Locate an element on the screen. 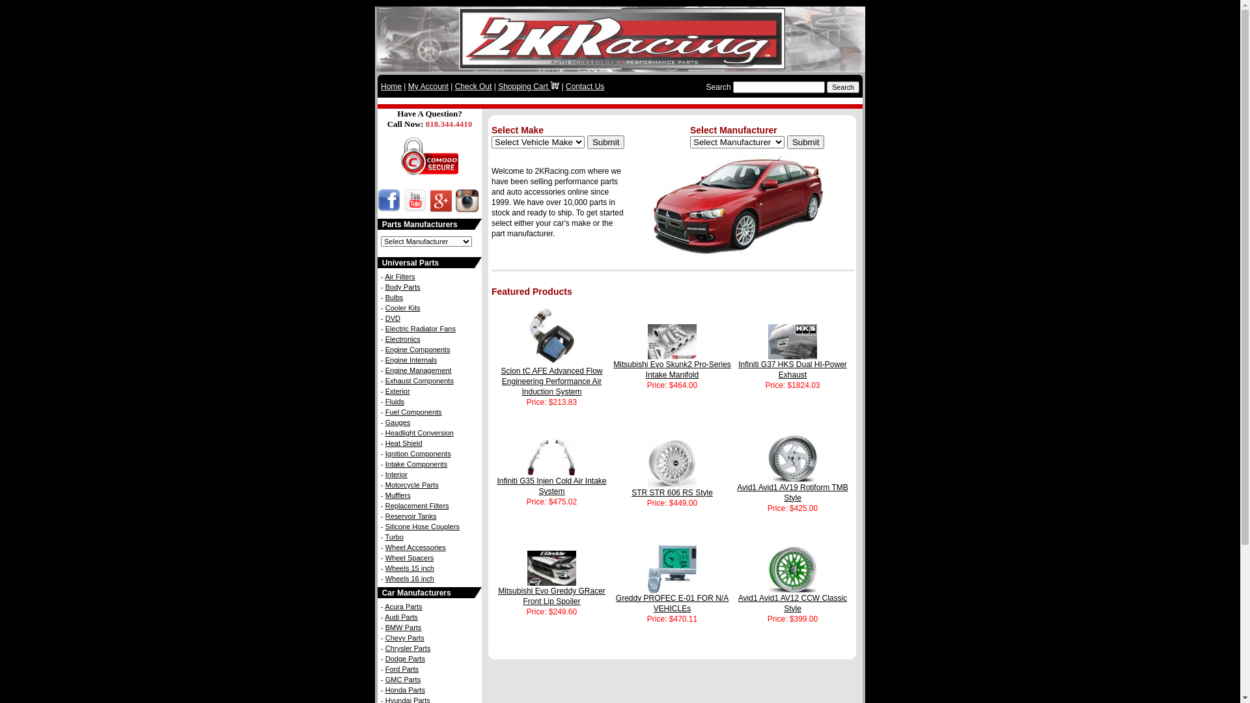 The width and height of the screenshot is (1250, 703). 'Fluids' is located at coordinates (394, 401).